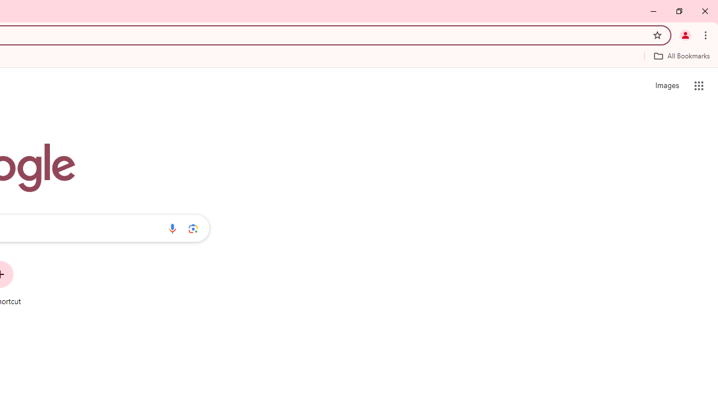 The height and width of the screenshot is (404, 718). I want to click on 'Search by image', so click(193, 228).